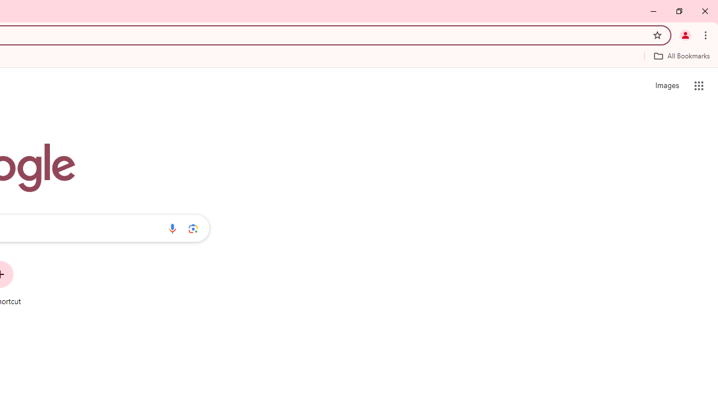 The height and width of the screenshot is (404, 718). I want to click on 'Search by image', so click(193, 228).